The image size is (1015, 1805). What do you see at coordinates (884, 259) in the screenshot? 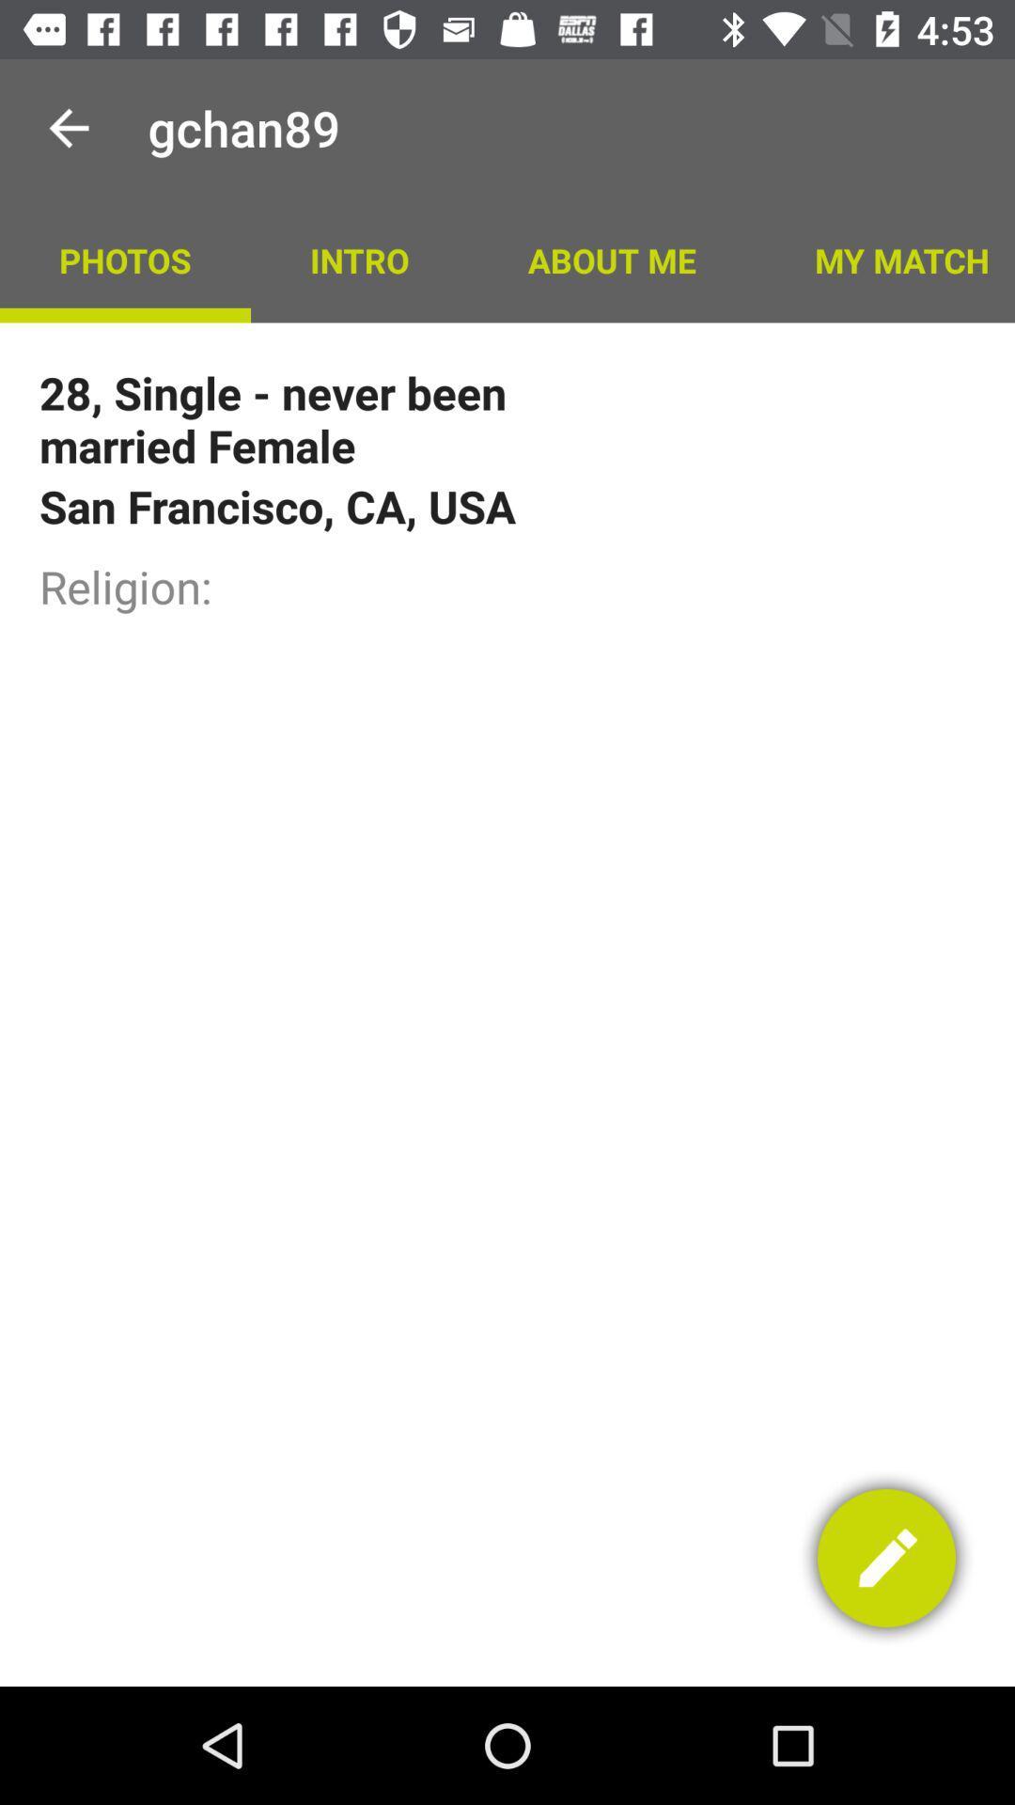
I see `my match icon` at bounding box center [884, 259].